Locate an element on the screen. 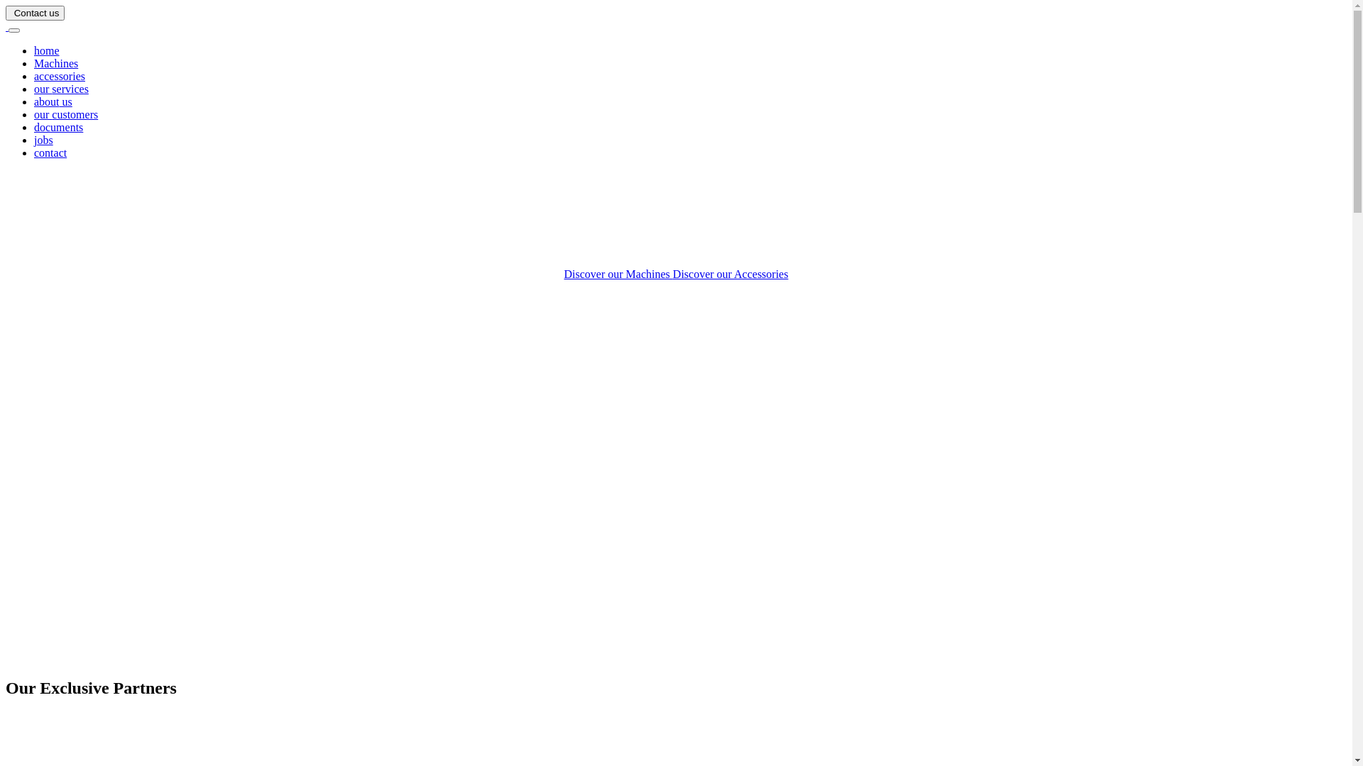 The image size is (1363, 766). 'jobs' is located at coordinates (43, 140).